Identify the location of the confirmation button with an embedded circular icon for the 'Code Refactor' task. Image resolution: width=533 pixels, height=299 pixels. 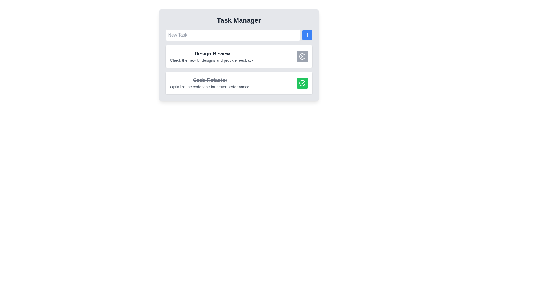
(302, 83).